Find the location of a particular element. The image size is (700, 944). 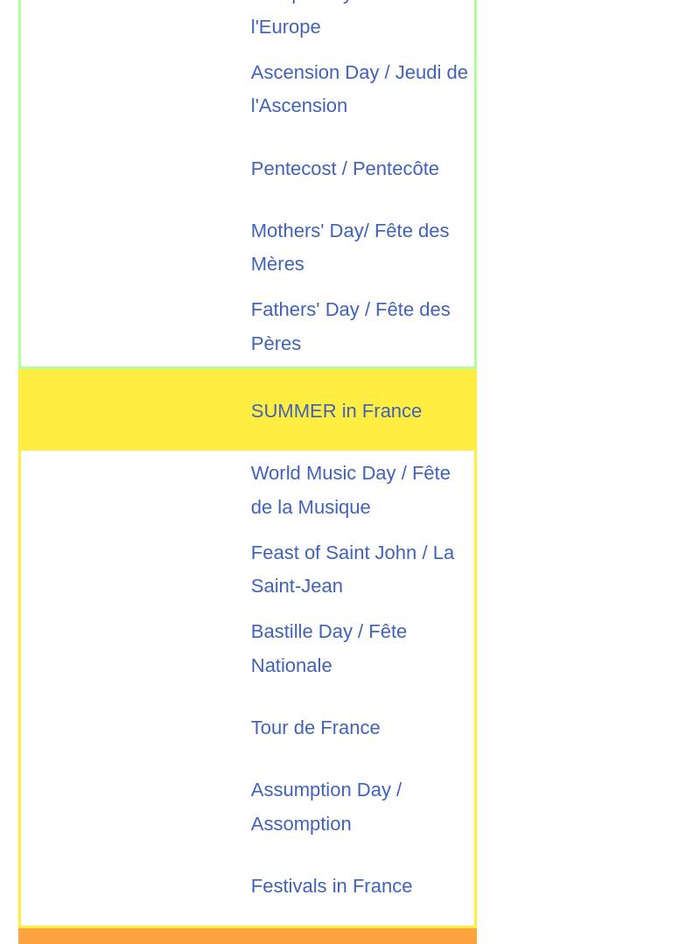

'Mothers' Day/ Fête des Mères' is located at coordinates (348, 247).